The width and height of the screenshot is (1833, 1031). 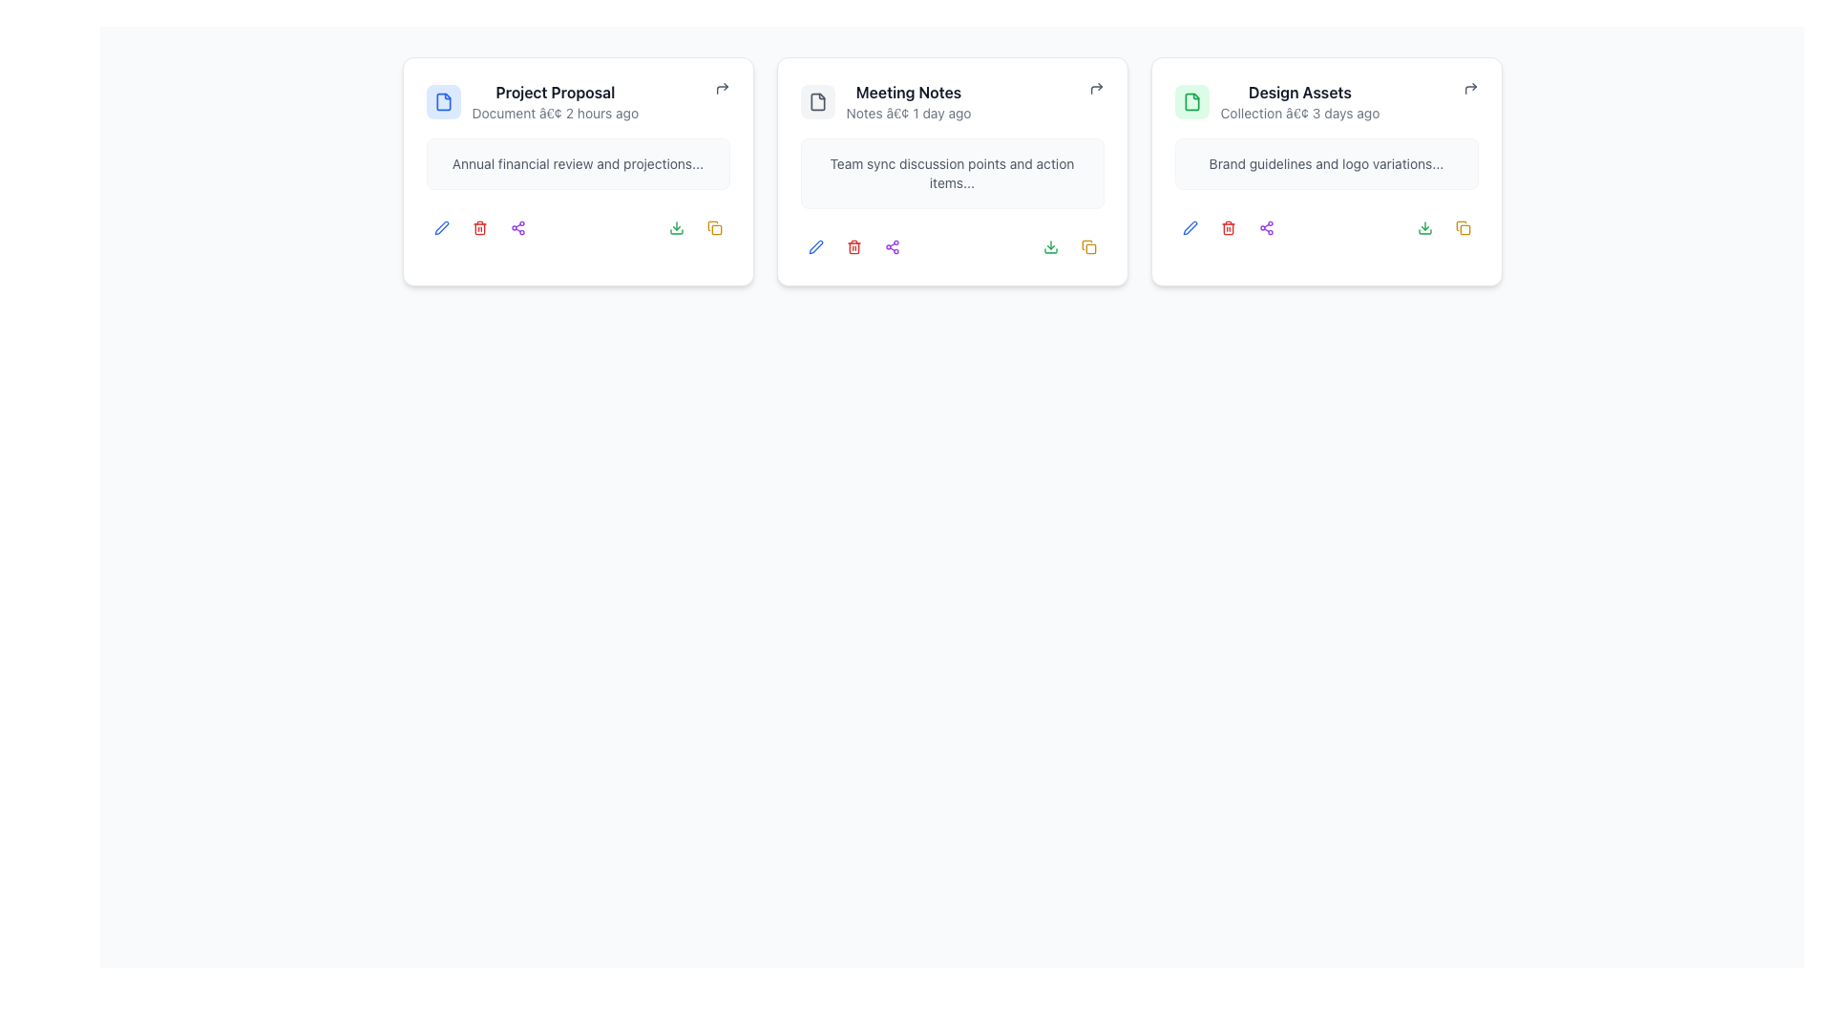 What do you see at coordinates (907, 114) in the screenshot?
I see `the small gray text label displaying 'Notes • 1 day ago' located below the 'Meeting Notes' text element in the center card of the triplet` at bounding box center [907, 114].